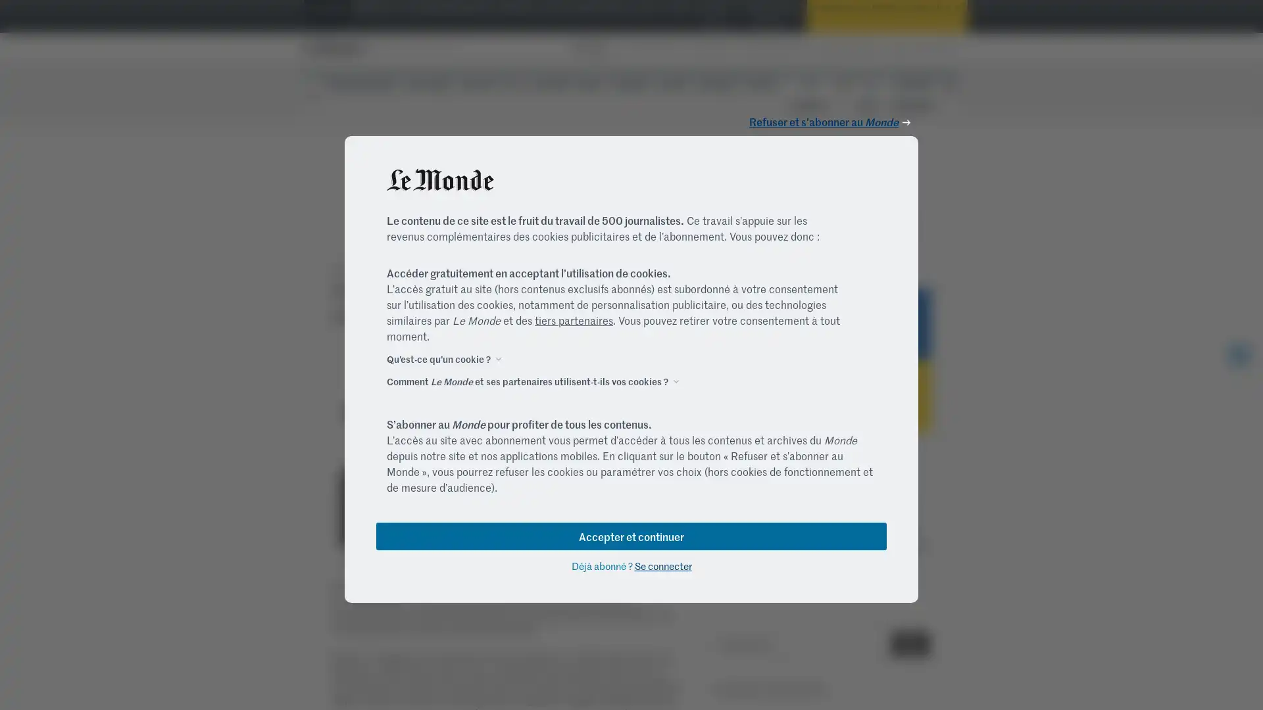 Image resolution: width=1263 pixels, height=710 pixels. What do you see at coordinates (631, 535) in the screenshot?
I see `Accepter et continuer` at bounding box center [631, 535].